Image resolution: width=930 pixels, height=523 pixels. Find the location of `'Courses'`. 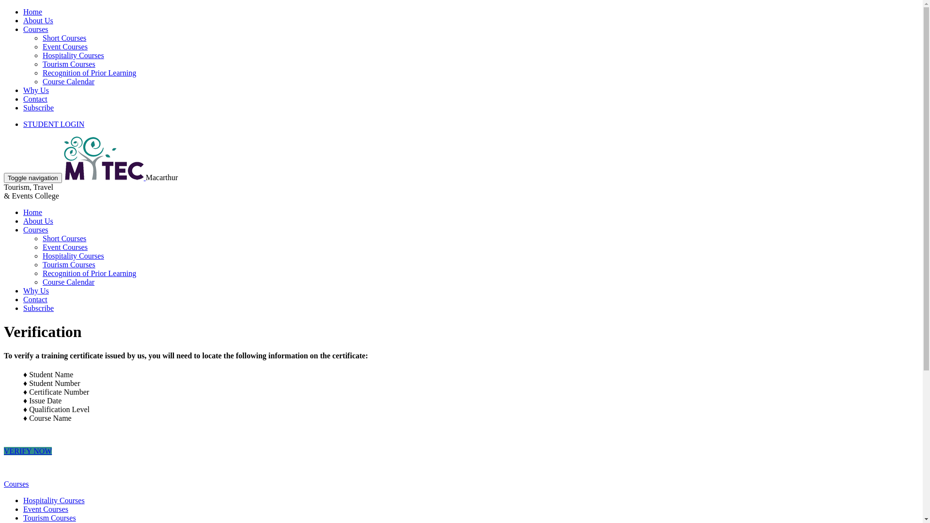

'Courses' is located at coordinates (35, 230).